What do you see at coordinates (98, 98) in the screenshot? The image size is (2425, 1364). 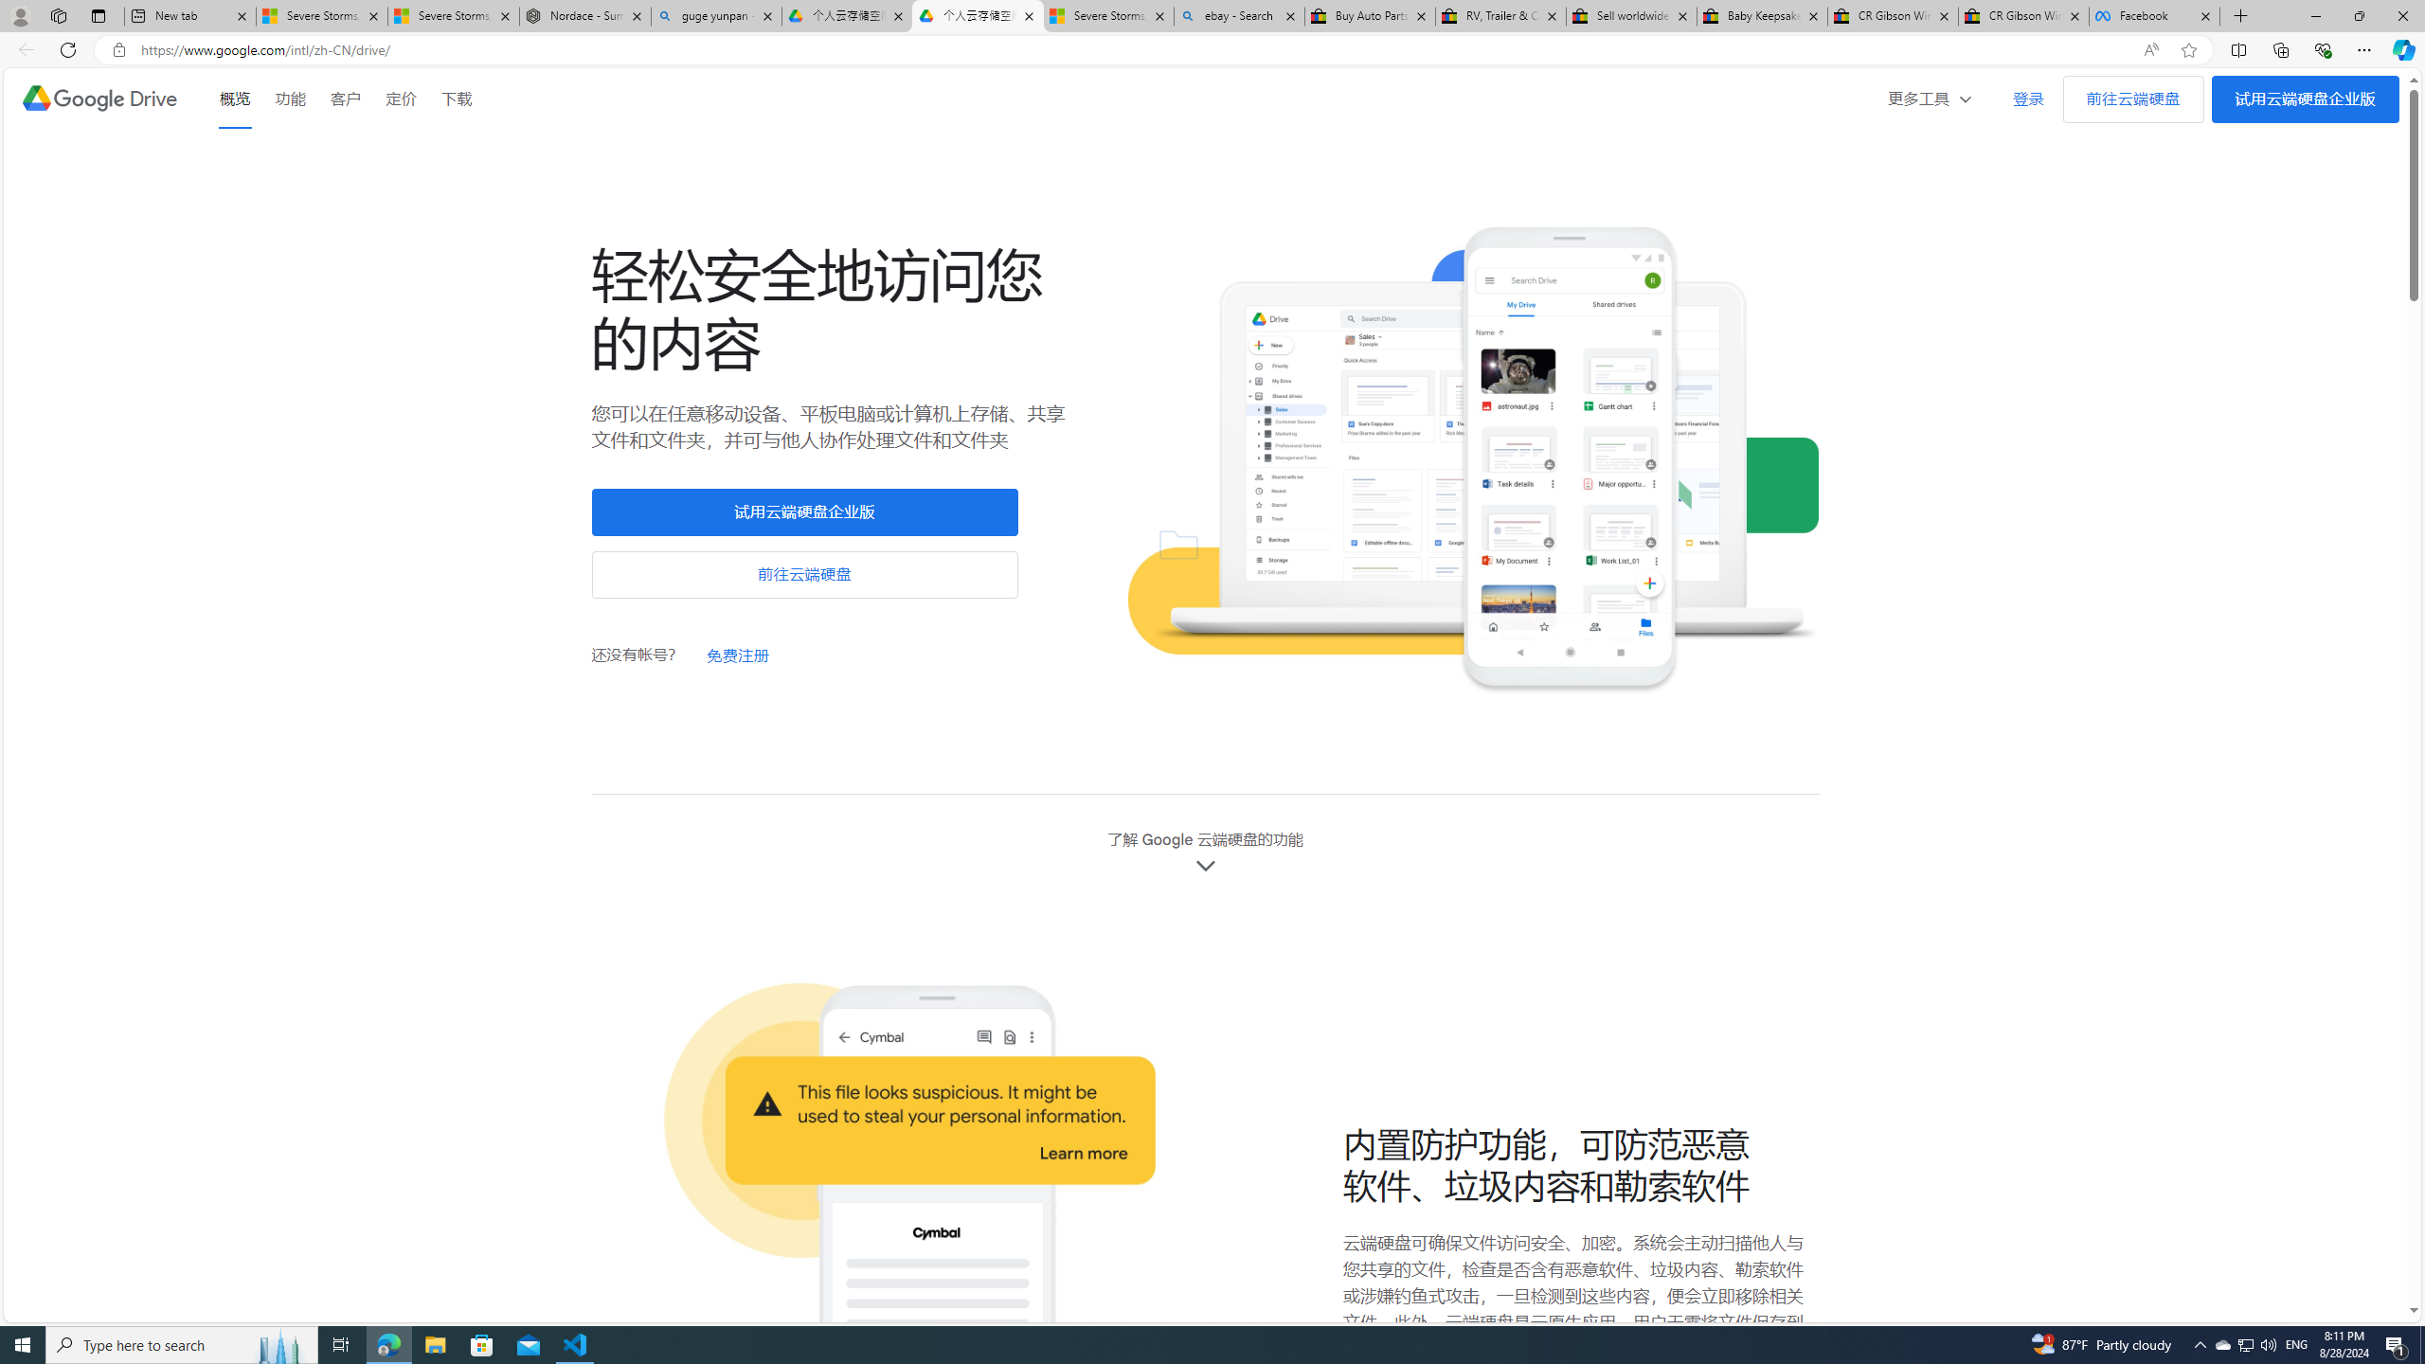 I see `'Google Drive'` at bounding box center [98, 98].